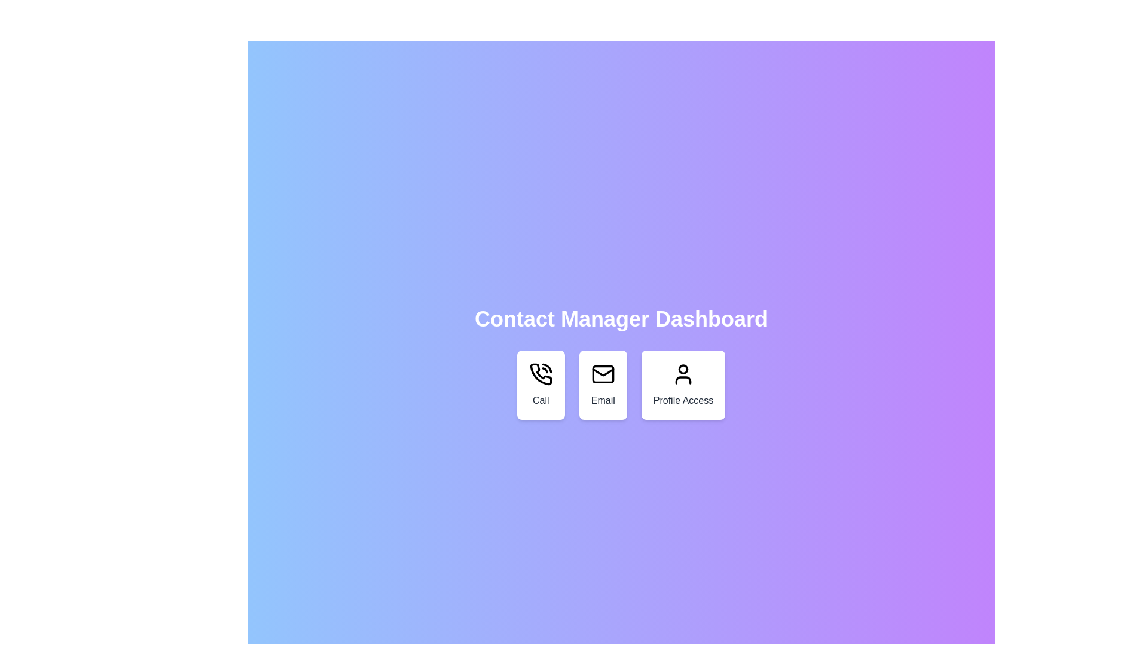 Image resolution: width=1148 pixels, height=646 pixels. Describe the element at coordinates (603, 385) in the screenshot. I see `the Email button, which is the second button in a row of three options (Call, Email, Profile Access)` at that location.